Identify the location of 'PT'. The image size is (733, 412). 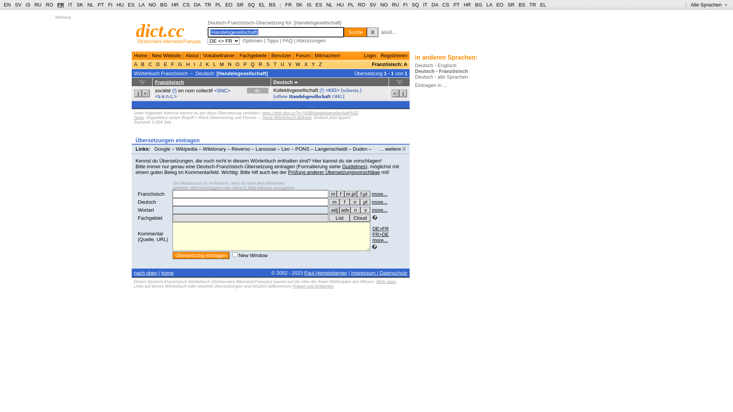
(456, 5).